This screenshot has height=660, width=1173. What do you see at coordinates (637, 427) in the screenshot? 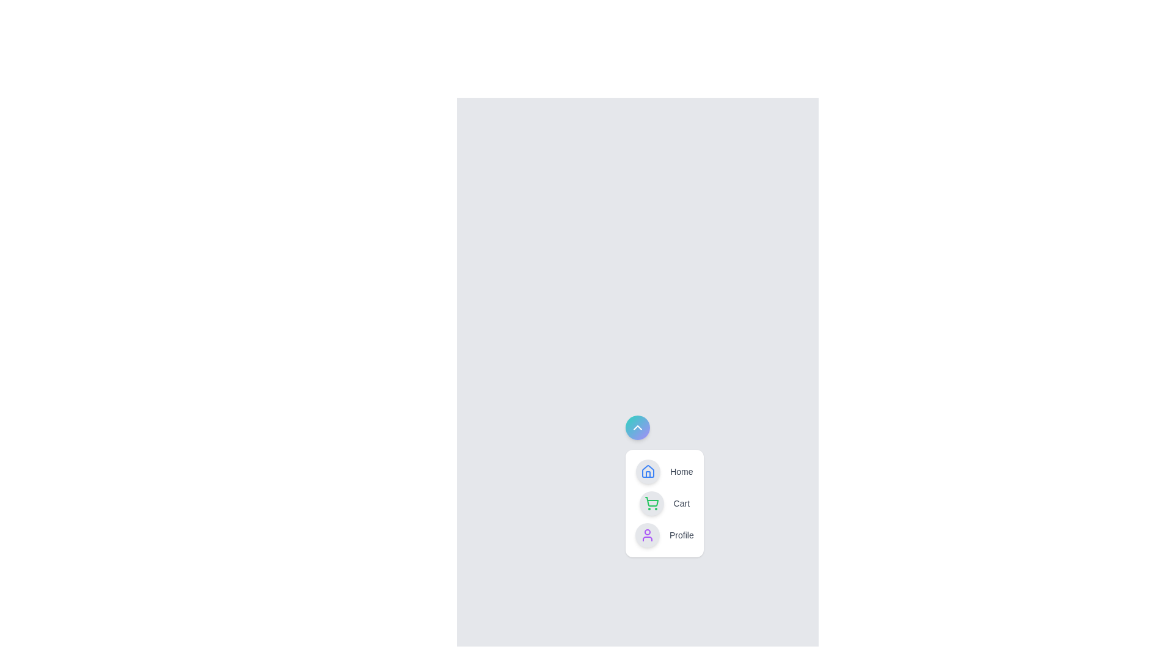
I see `the main button to toggle the menu` at bounding box center [637, 427].